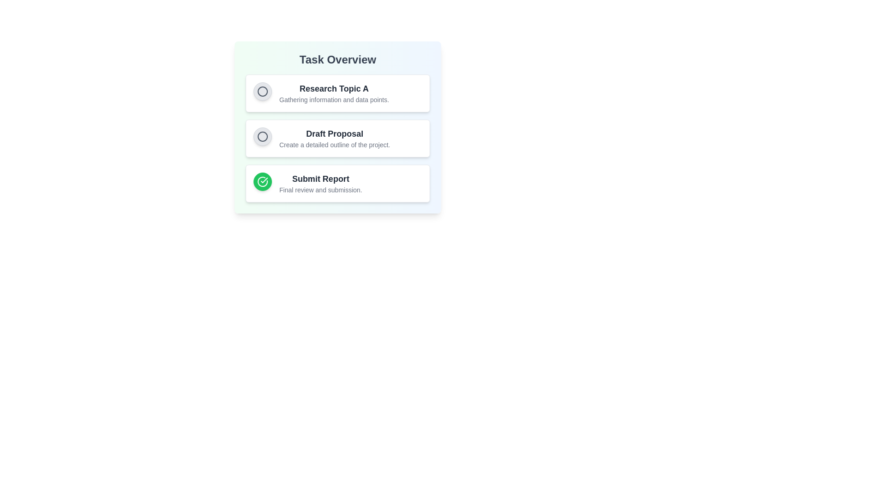 This screenshot has width=885, height=497. I want to click on the Text Label that serves as the title for the task description card, located at the bottom of the vertical stack of task descriptions, so click(320, 179).